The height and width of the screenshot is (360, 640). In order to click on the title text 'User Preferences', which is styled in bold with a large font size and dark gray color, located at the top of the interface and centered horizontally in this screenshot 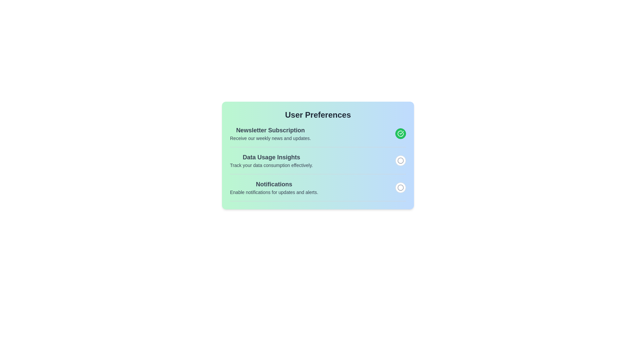, I will do `click(318, 114)`.